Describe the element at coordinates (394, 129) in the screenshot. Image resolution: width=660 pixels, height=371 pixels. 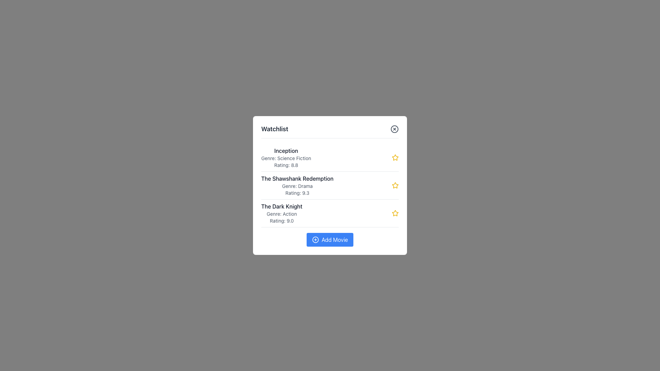
I see `the close button represented by a Circle within an SVG located in the top-right corner of the modal dialog containing a watchlist` at that location.